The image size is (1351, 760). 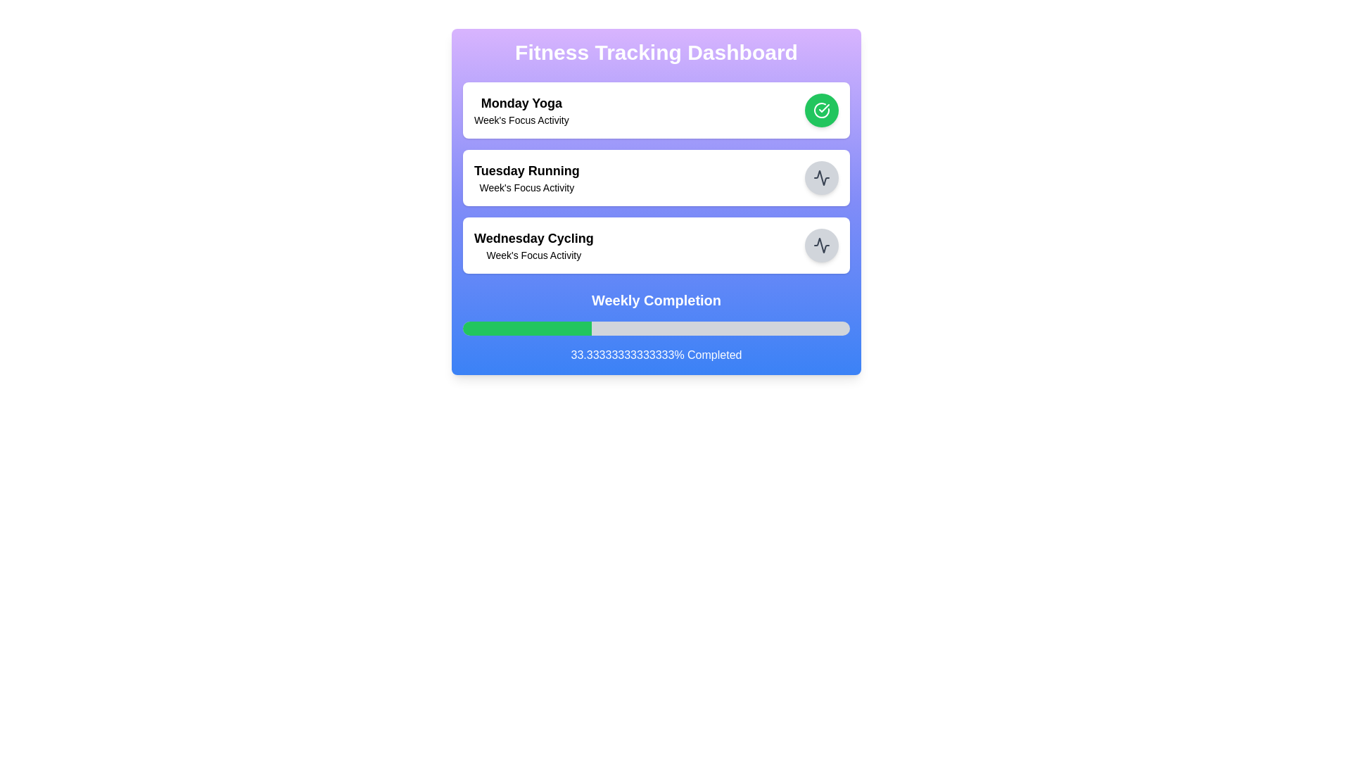 What do you see at coordinates (533, 238) in the screenshot?
I see `the Text Label indicating the title of the activity scheduled for Wednesday, which is positioned below the 'Tuesday Running' card in the dashboard` at bounding box center [533, 238].